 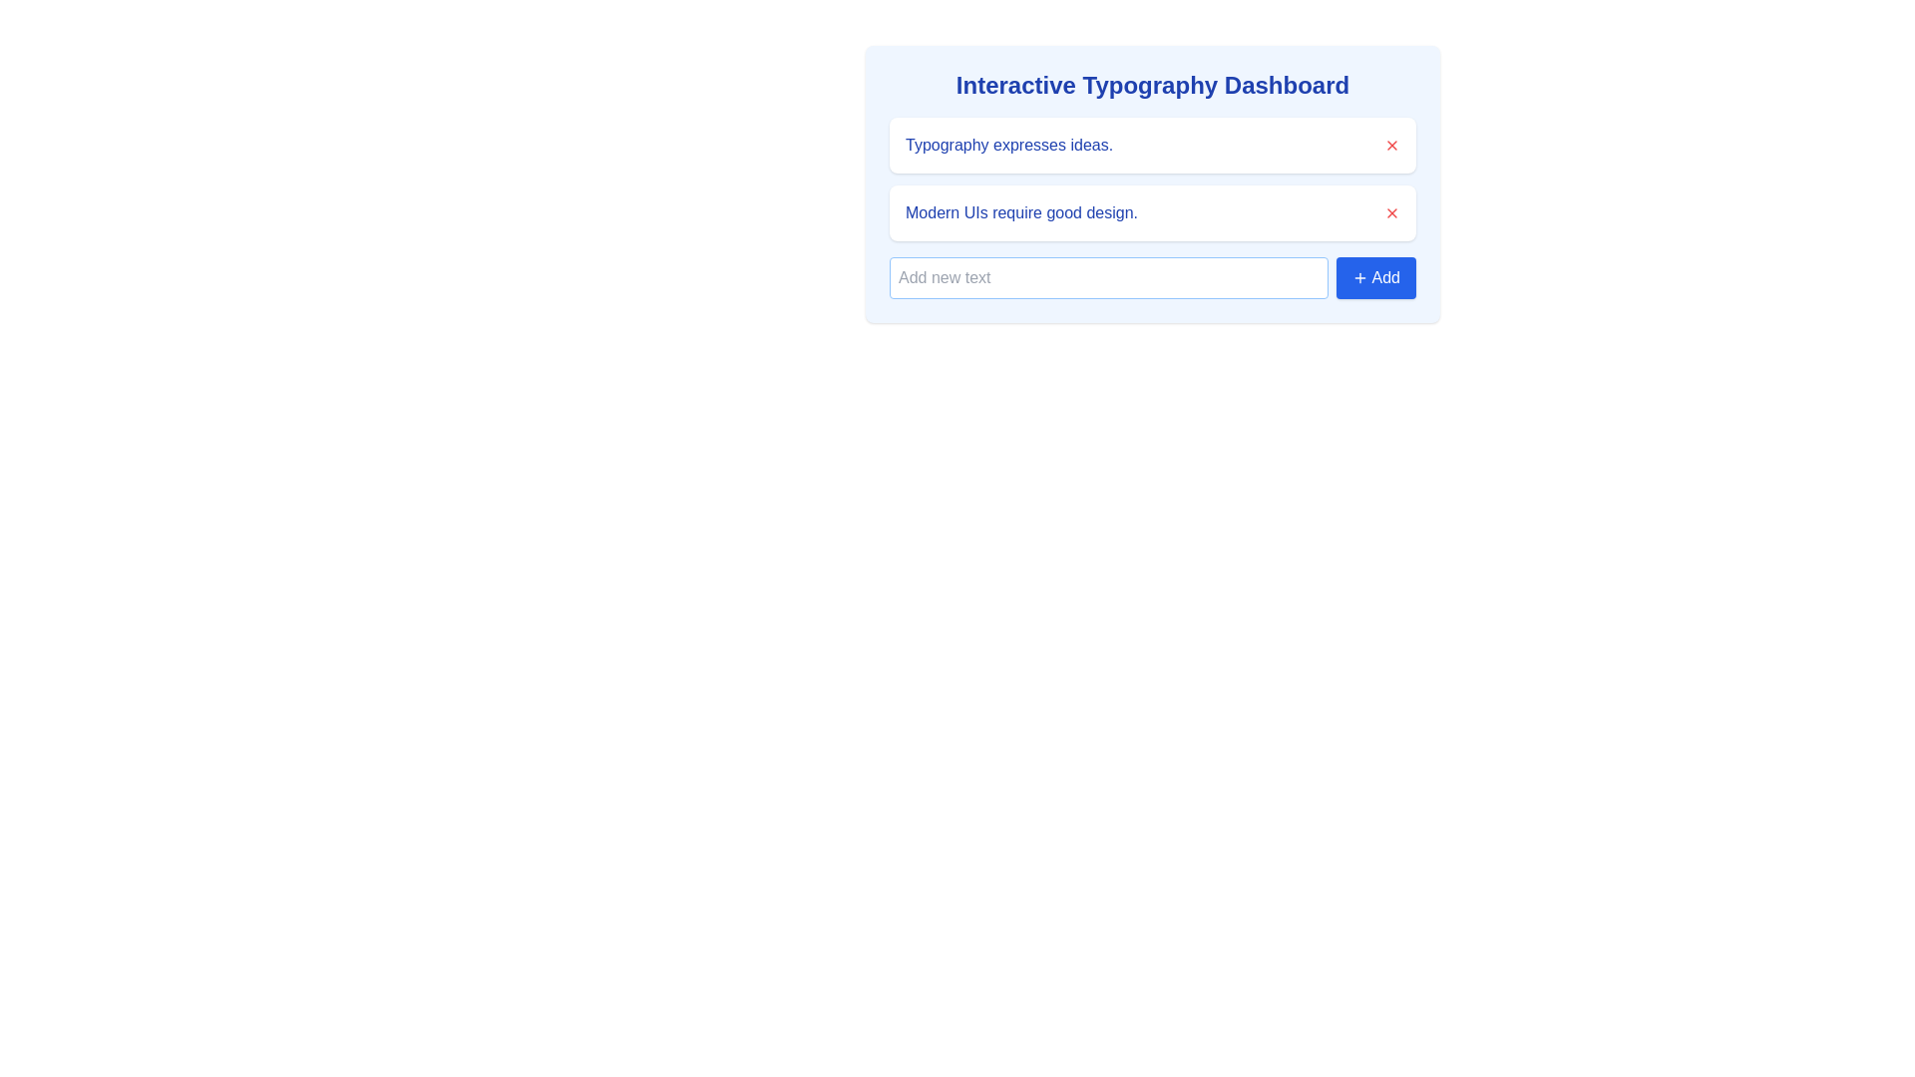 What do you see at coordinates (1153, 145) in the screenshot?
I see `the first list item with text 'Typography expresses ideas.'` at bounding box center [1153, 145].